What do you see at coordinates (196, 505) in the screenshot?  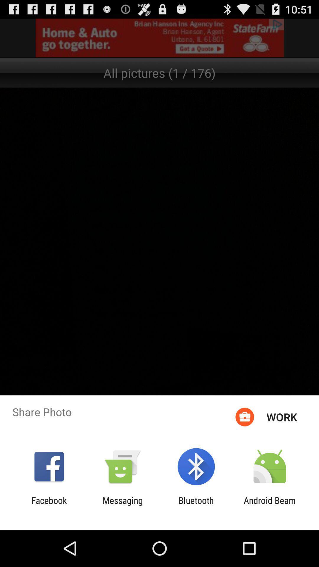 I see `the item to the left of the android beam item` at bounding box center [196, 505].